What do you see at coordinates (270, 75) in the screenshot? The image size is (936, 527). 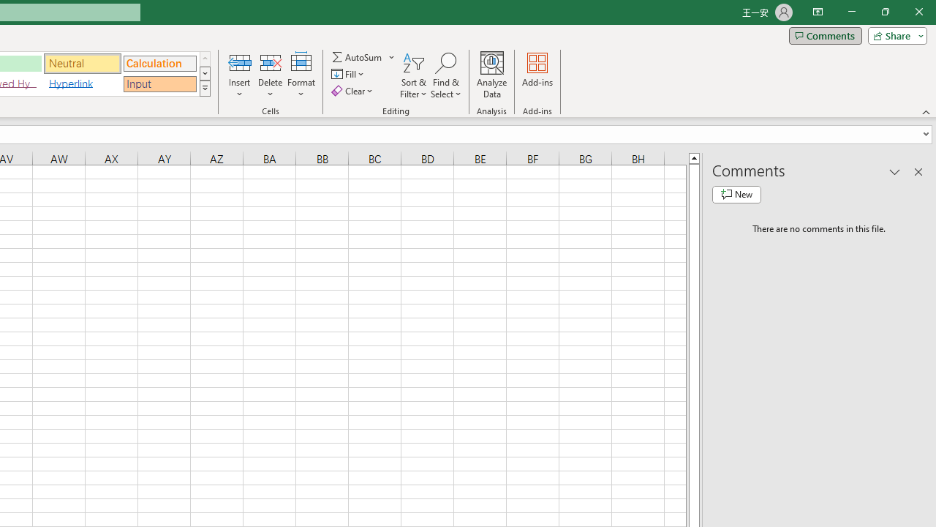 I see `'Delete'` at bounding box center [270, 75].